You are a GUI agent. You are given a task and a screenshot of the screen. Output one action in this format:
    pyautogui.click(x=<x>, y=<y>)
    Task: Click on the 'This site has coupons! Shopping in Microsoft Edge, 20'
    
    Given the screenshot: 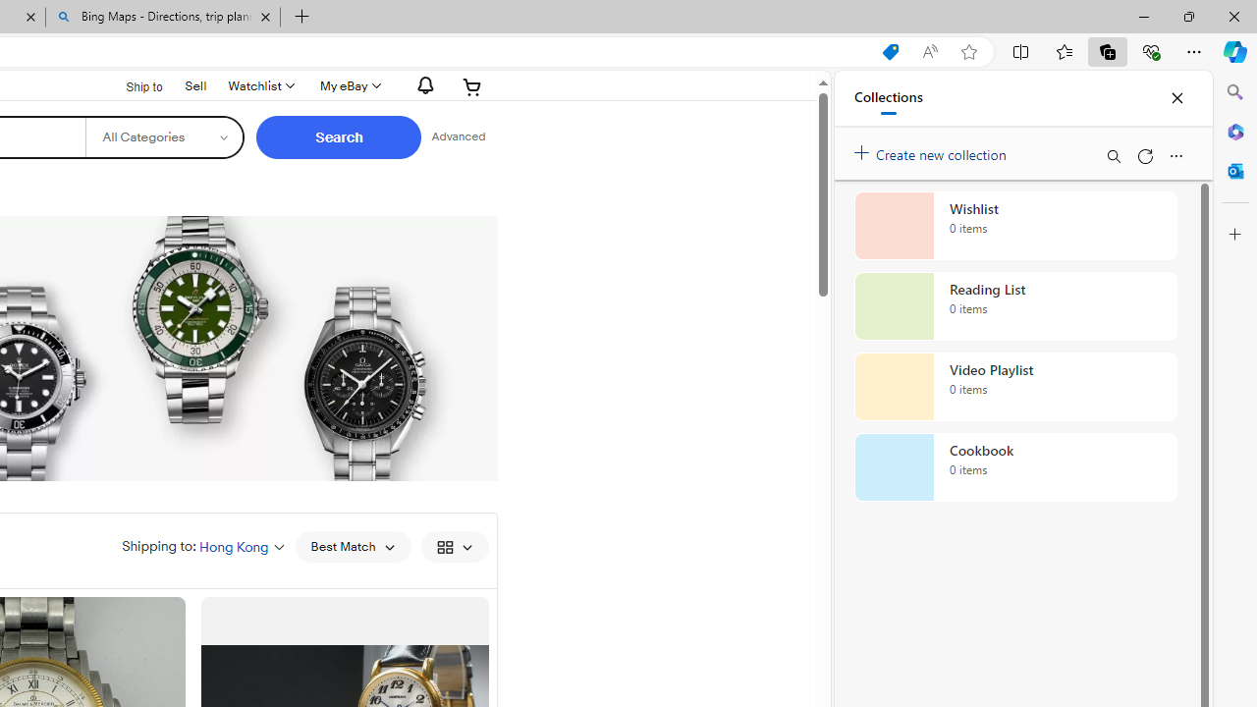 What is the action you would take?
    pyautogui.click(x=889, y=51)
    